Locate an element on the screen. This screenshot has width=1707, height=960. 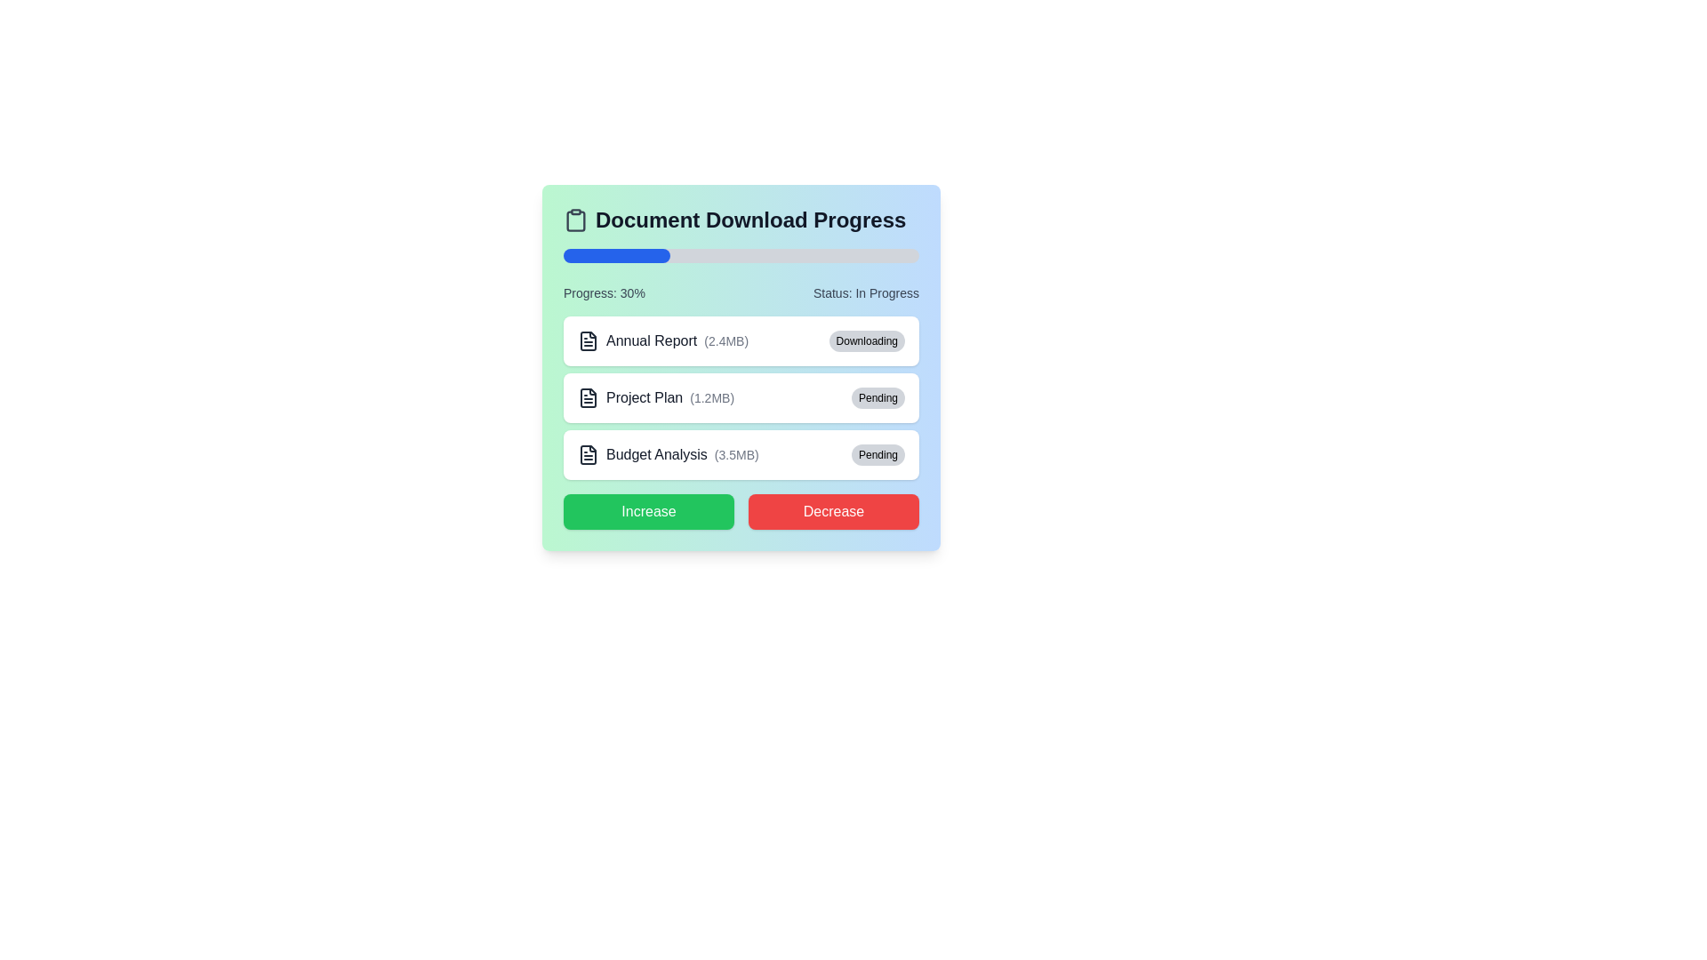
the text label that shows the file size of the 'Budget Analysis' document, located immediately after the 'Budget Analysis' text in the third list item of the 'Document Download Progress' panel is located at coordinates (736, 454).